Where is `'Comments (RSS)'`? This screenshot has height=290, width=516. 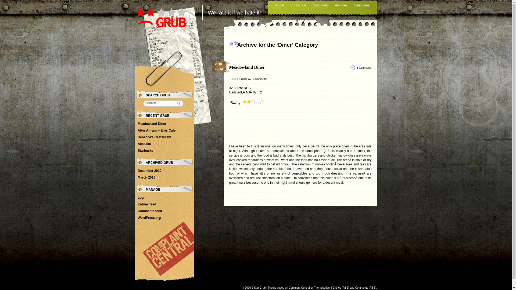 'Comments (RSS)' is located at coordinates (365, 287).